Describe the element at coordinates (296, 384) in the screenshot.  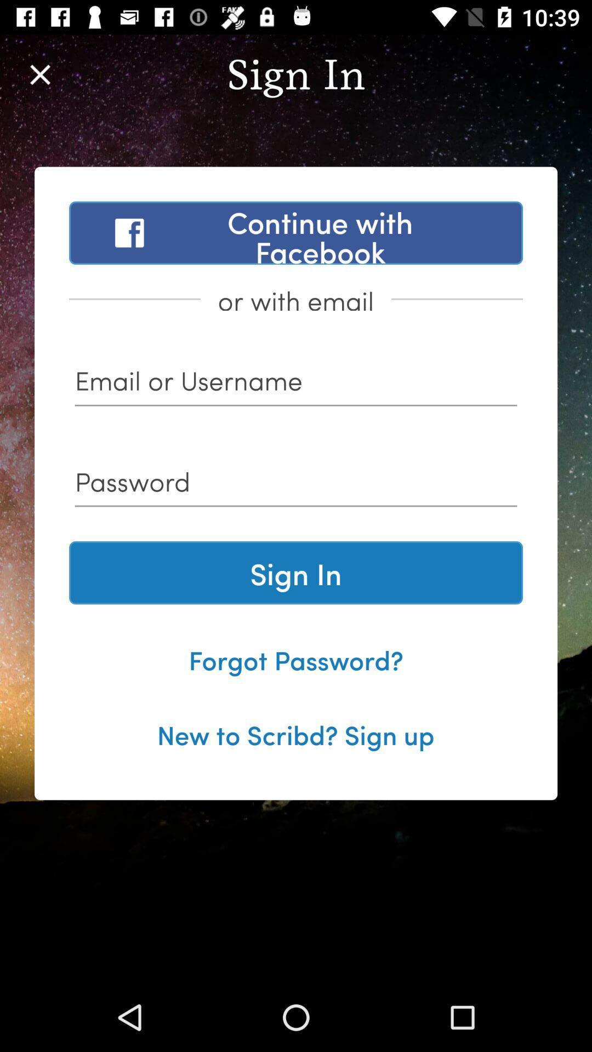
I see `email or username field` at that location.